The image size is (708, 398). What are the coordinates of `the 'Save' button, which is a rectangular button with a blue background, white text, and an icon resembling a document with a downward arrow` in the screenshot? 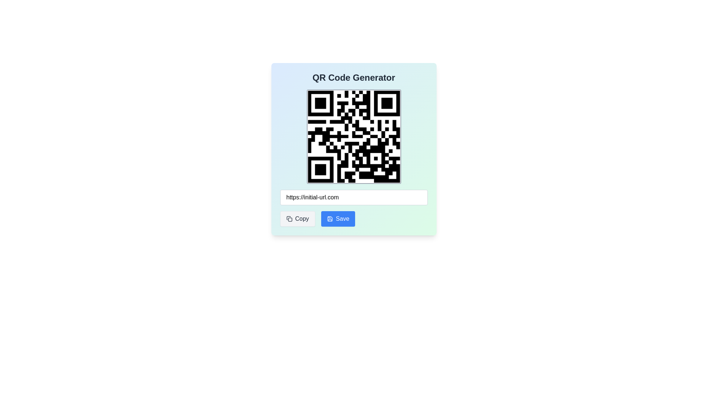 It's located at (338, 219).